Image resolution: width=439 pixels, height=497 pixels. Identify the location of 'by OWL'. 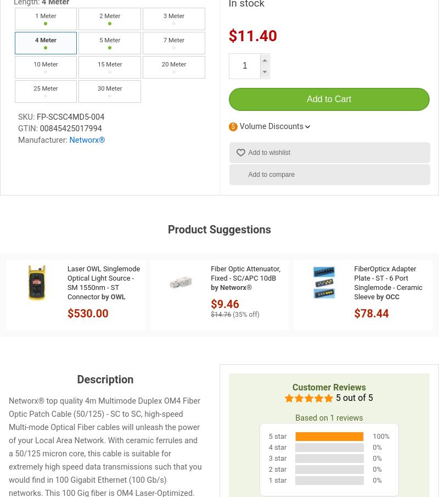
(113, 295).